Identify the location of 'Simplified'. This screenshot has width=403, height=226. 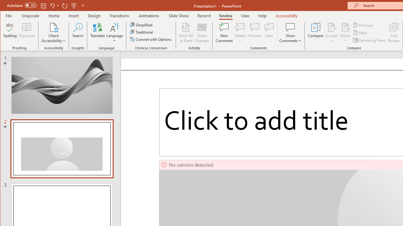
(141, 24).